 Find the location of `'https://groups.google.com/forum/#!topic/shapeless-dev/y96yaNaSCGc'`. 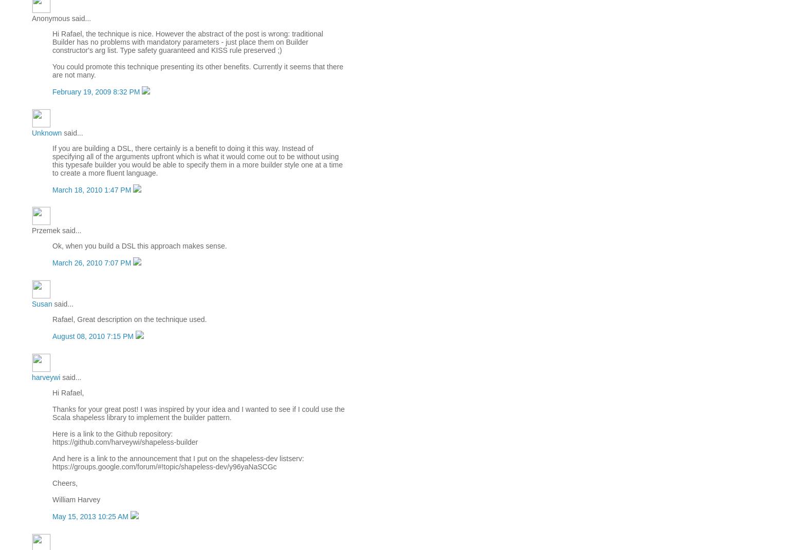

'https://groups.google.com/forum/#!topic/shapeless-dev/y96yaNaSCGc' is located at coordinates (163, 466).